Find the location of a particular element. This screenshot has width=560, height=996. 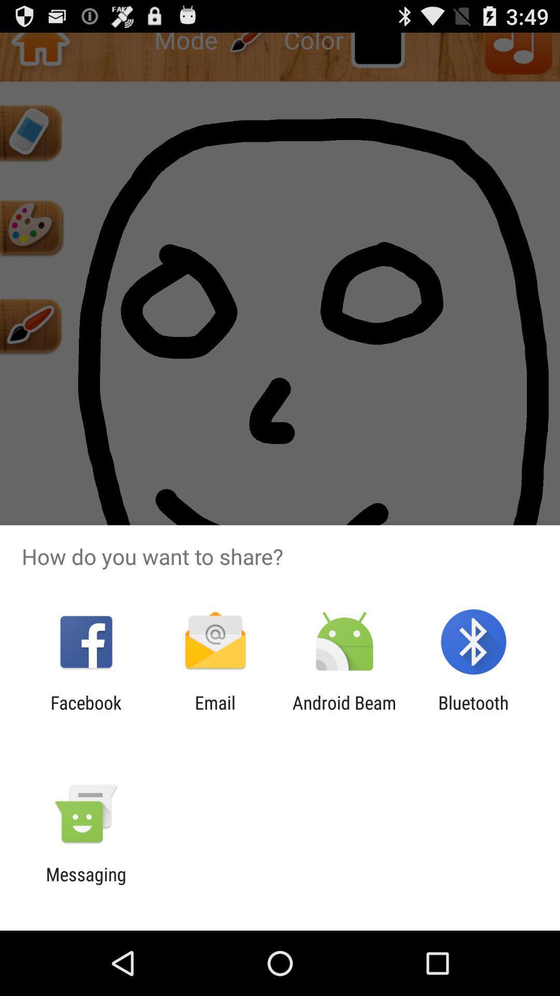

item to the left of the android beam item is located at coordinates (215, 713).